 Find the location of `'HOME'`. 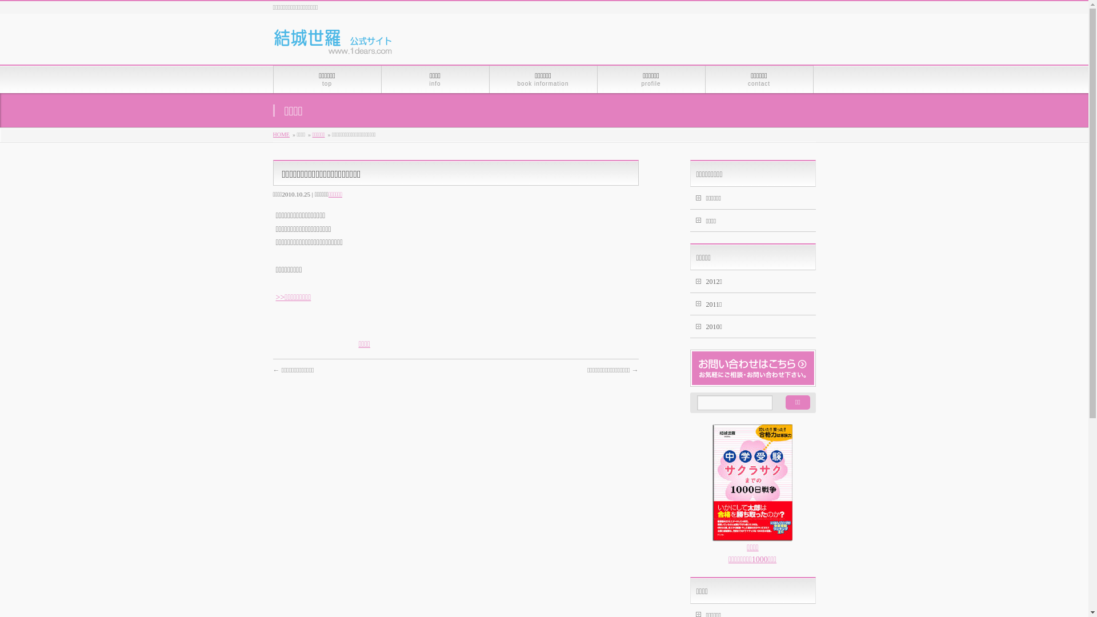

'HOME' is located at coordinates (273, 134).